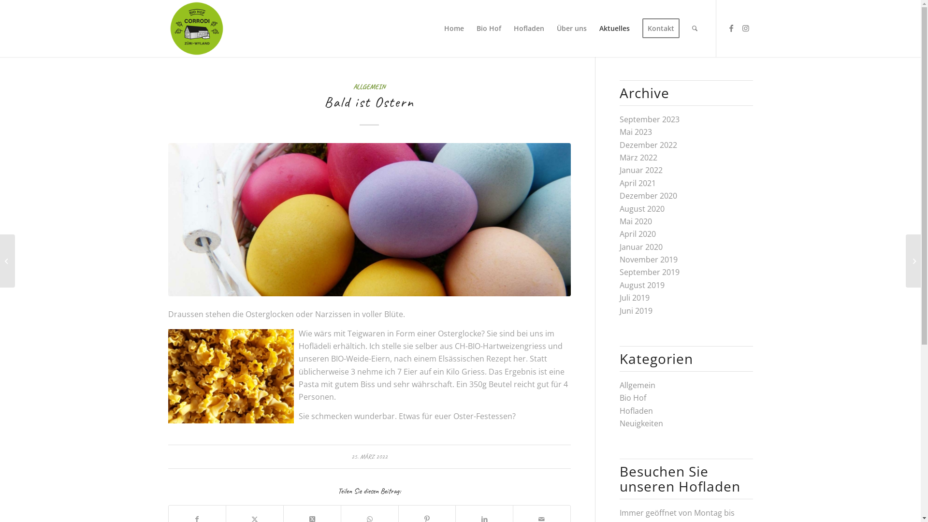 Image resolution: width=928 pixels, height=522 pixels. What do you see at coordinates (453, 28) in the screenshot?
I see `'Home'` at bounding box center [453, 28].